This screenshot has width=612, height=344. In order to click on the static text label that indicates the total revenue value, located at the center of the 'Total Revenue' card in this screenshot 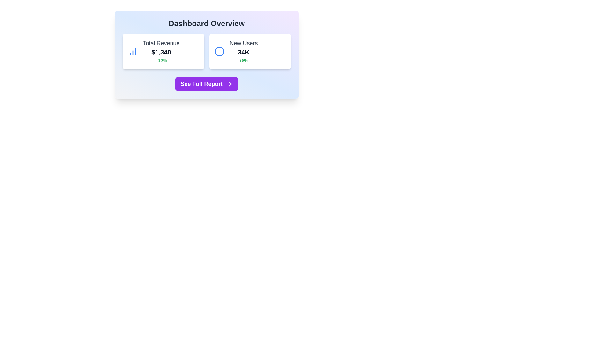, I will do `click(161, 52)`.